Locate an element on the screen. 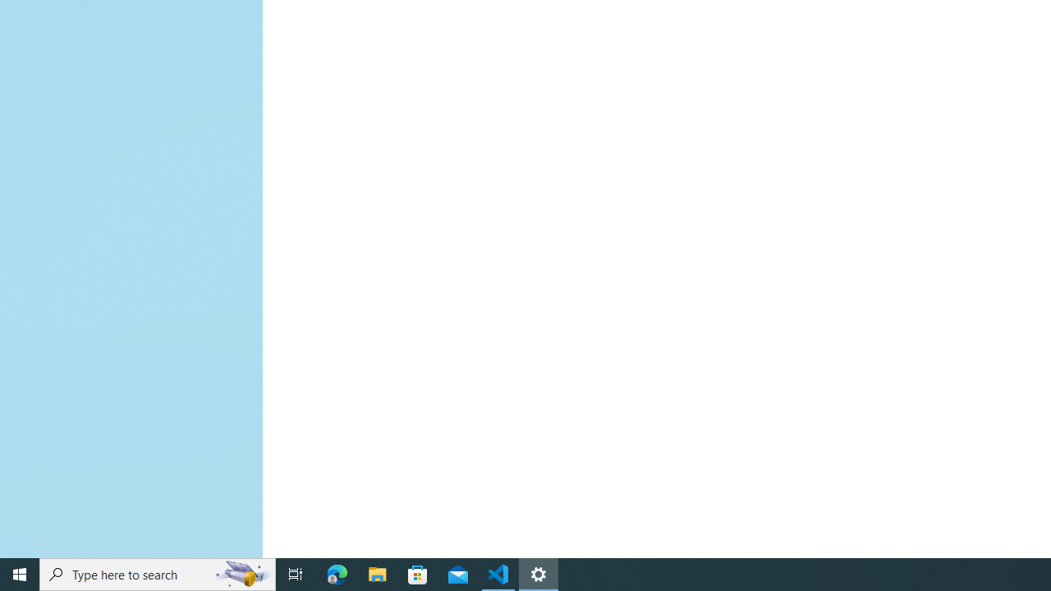 The width and height of the screenshot is (1051, 591). 'Microsoft Edge' is located at coordinates (337, 573).